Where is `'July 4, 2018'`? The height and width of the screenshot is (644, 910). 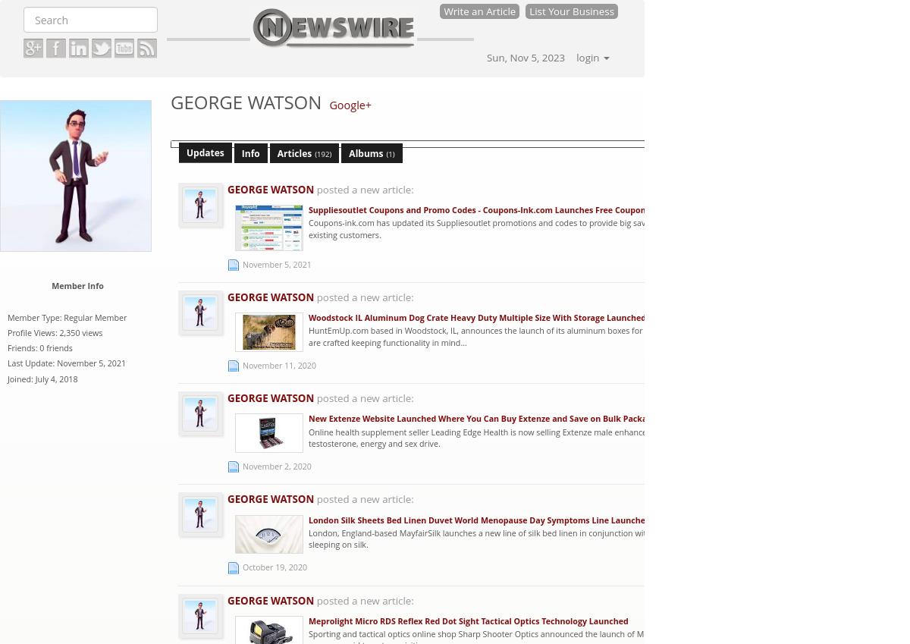 'July 4, 2018' is located at coordinates (56, 378).